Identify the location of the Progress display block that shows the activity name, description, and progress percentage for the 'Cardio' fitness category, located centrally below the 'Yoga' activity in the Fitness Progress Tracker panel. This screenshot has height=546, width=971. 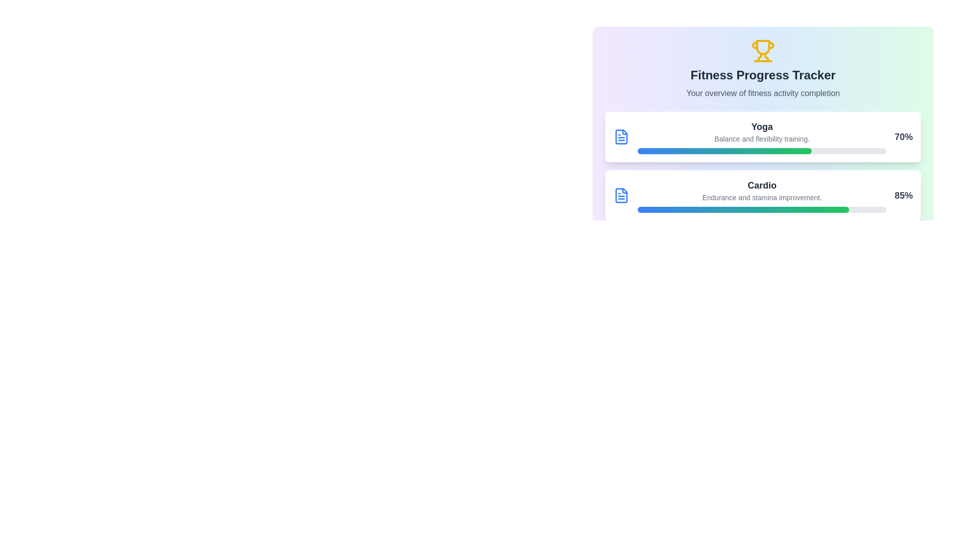
(763, 195).